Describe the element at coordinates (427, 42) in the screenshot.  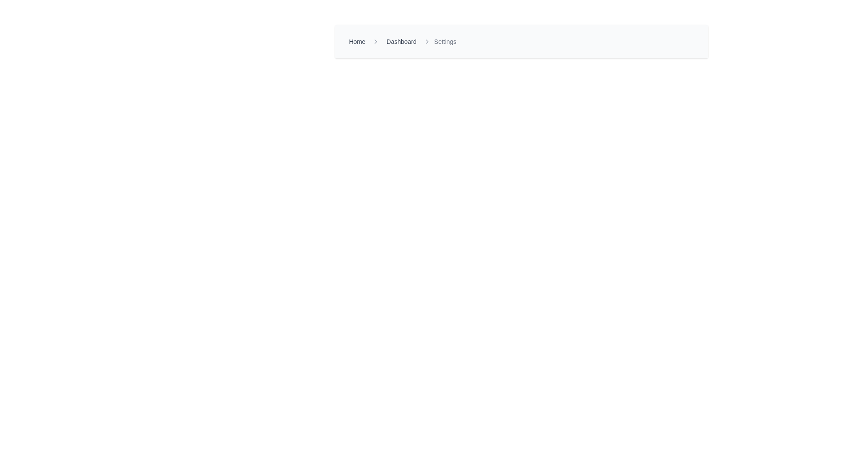
I see `the Navigation separator arrow icon located between the 'Dashboard' and 'Settings' text links in the breadcrumb navigation` at that location.